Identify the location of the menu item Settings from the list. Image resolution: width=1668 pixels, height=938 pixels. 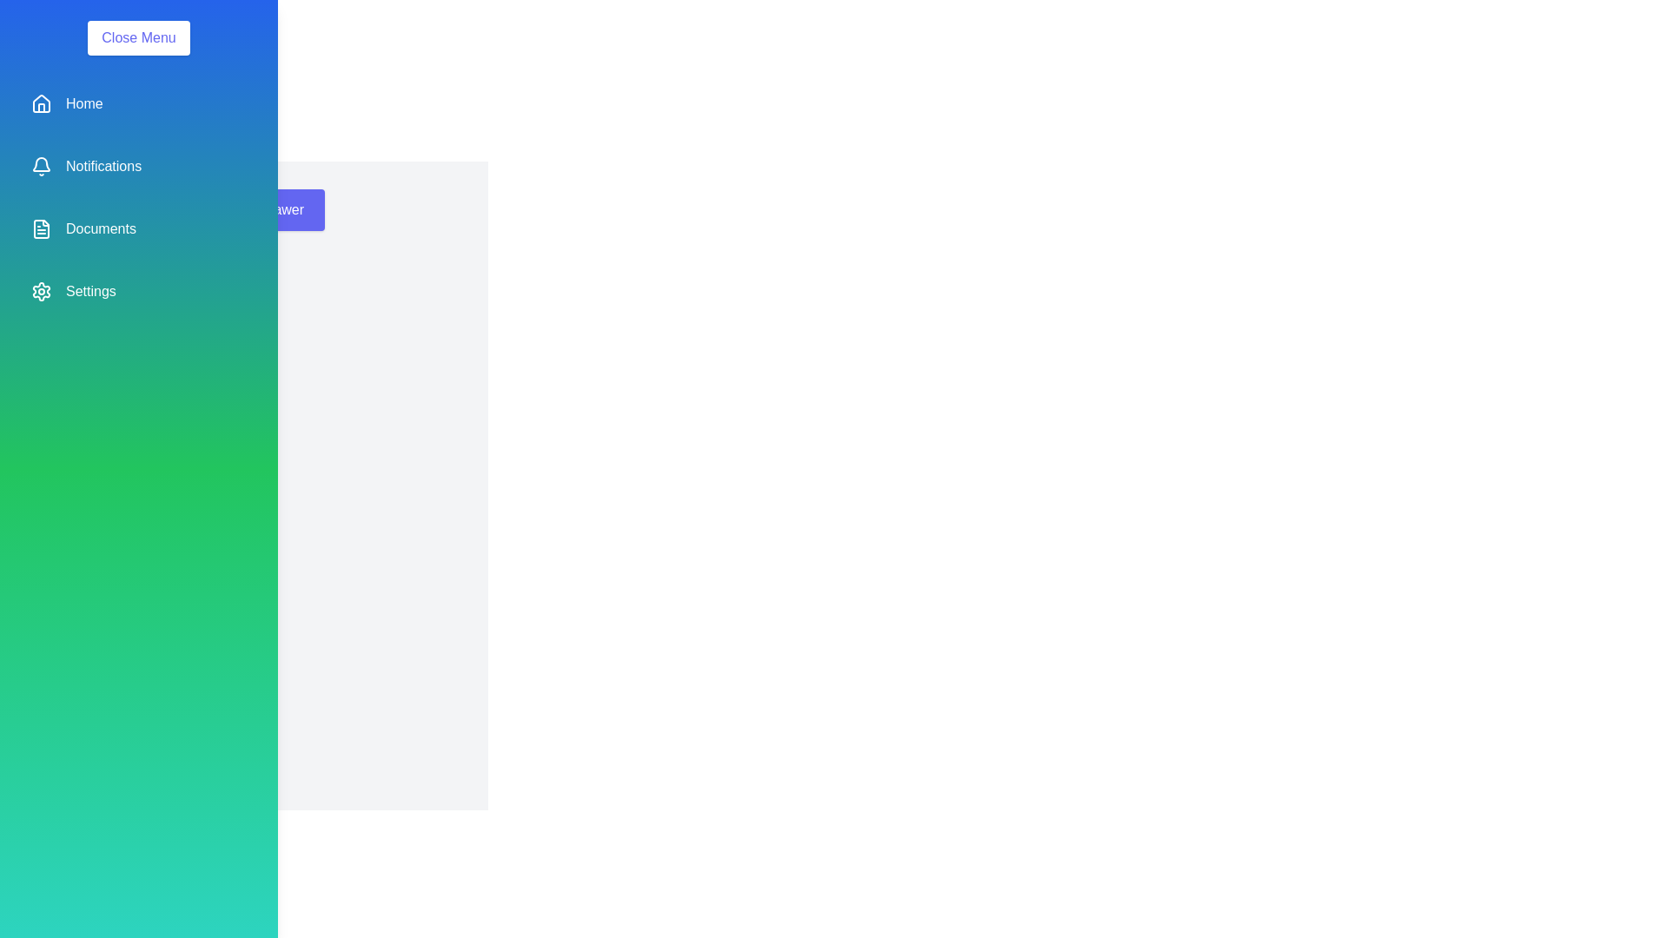
(137, 290).